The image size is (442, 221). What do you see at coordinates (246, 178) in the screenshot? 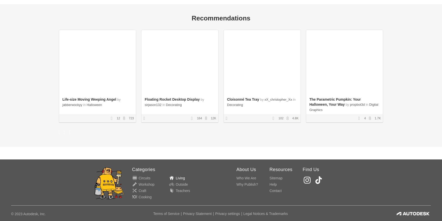
I see `'Who We Are'` at bounding box center [246, 178].